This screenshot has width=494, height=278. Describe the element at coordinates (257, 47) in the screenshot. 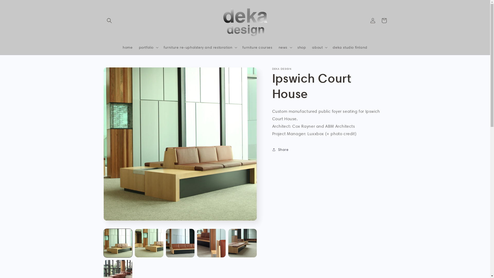

I see `'furniture courses'` at that location.